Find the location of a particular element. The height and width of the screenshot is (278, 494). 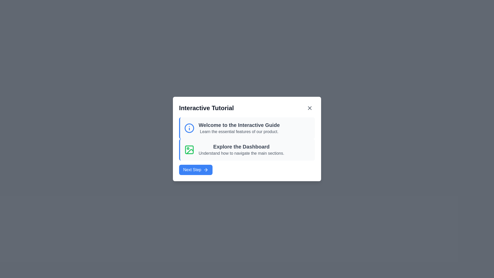

the circular close button with an 'X' symbol located in the top-right corner of the 'Interactive Tutorial' card to change its color is located at coordinates (310, 108).